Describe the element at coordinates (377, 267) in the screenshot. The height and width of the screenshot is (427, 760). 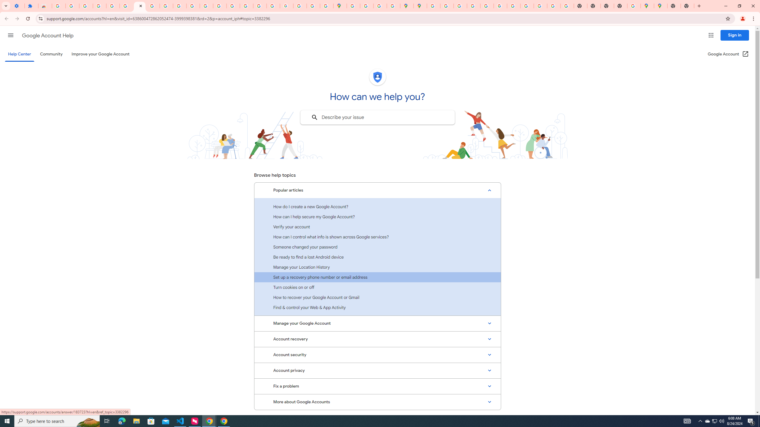
I see `'Manage your Location History'` at that location.